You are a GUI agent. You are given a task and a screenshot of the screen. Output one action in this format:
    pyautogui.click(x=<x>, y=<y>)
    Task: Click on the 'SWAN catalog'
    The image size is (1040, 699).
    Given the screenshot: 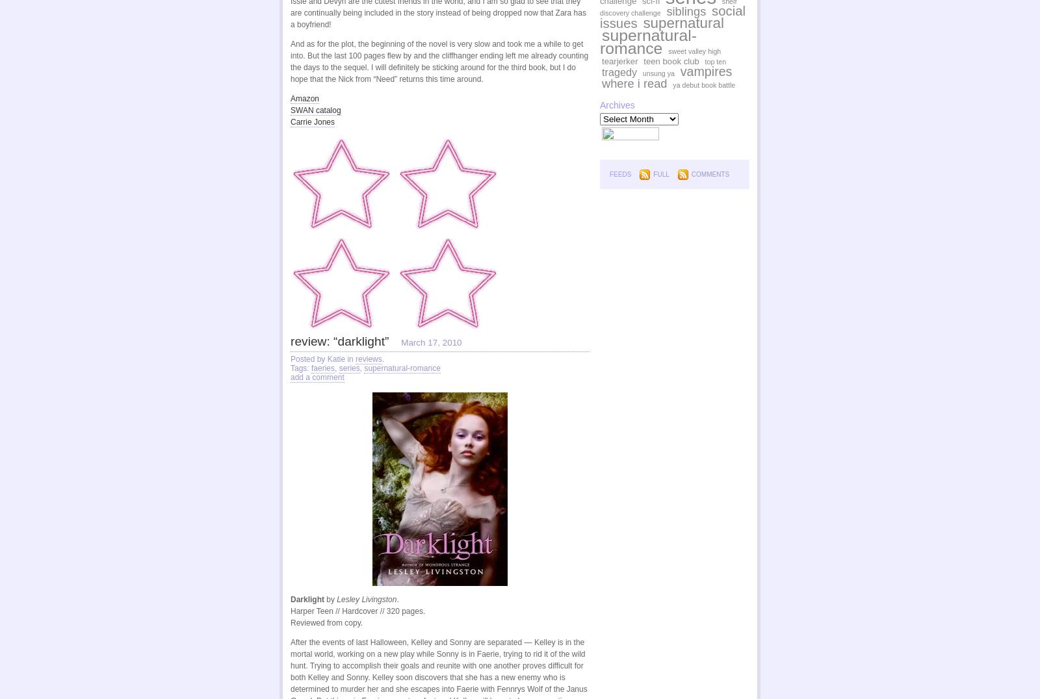 What is the action you would take?
    pyautogui.click(x=315, y=110)
    